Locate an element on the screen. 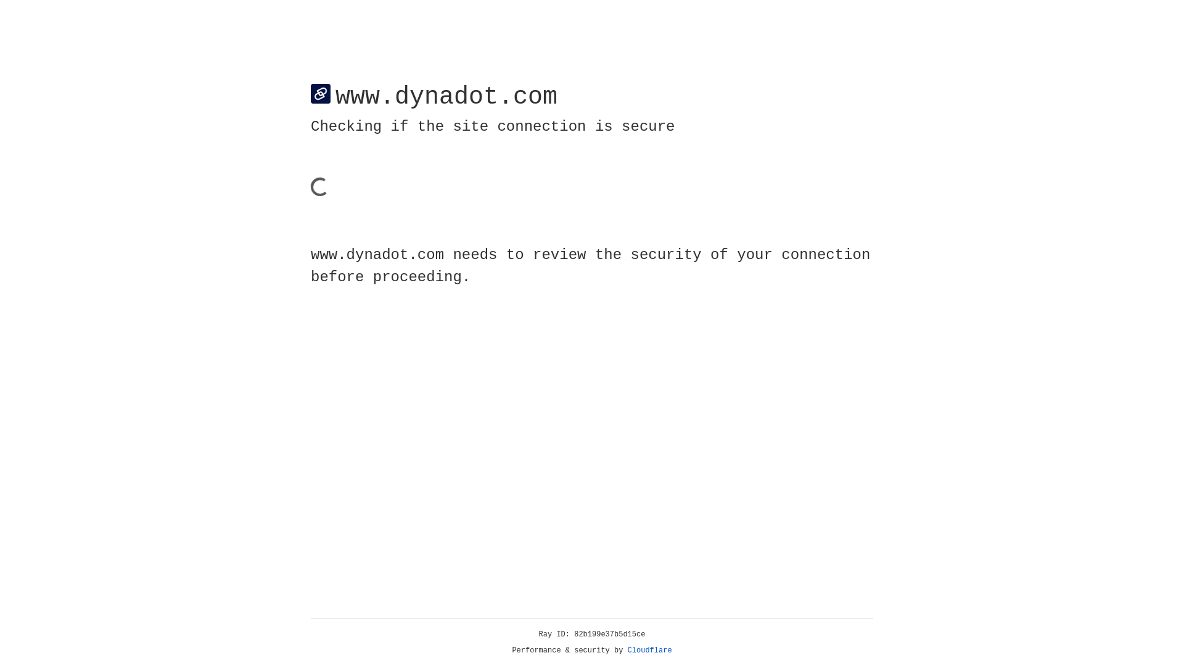  'Cloudflare' is located at coordinates (649, 650).